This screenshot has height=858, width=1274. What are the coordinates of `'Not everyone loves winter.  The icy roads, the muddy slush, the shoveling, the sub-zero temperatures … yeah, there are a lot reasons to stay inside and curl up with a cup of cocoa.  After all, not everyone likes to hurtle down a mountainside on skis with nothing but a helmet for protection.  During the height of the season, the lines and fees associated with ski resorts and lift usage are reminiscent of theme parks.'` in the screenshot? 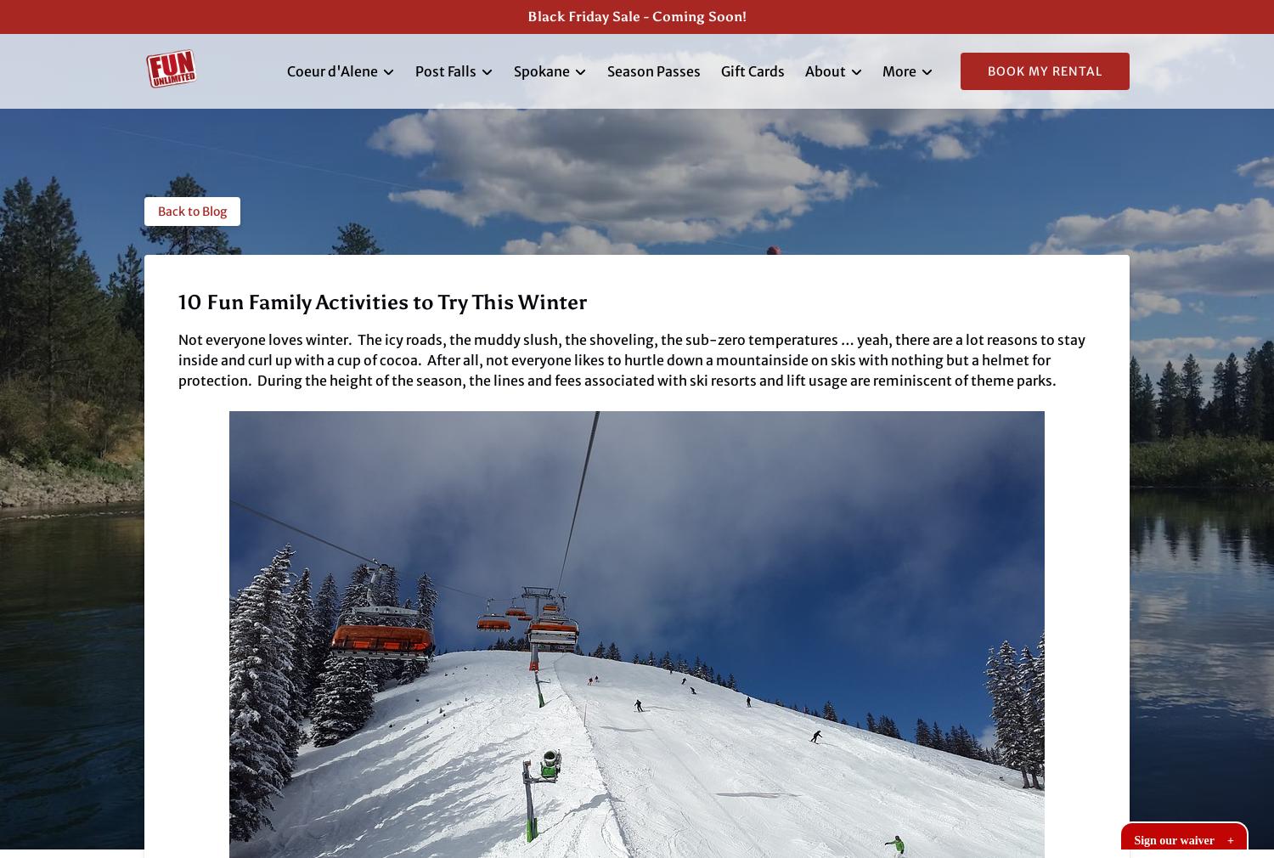 It's located at (631, 359).